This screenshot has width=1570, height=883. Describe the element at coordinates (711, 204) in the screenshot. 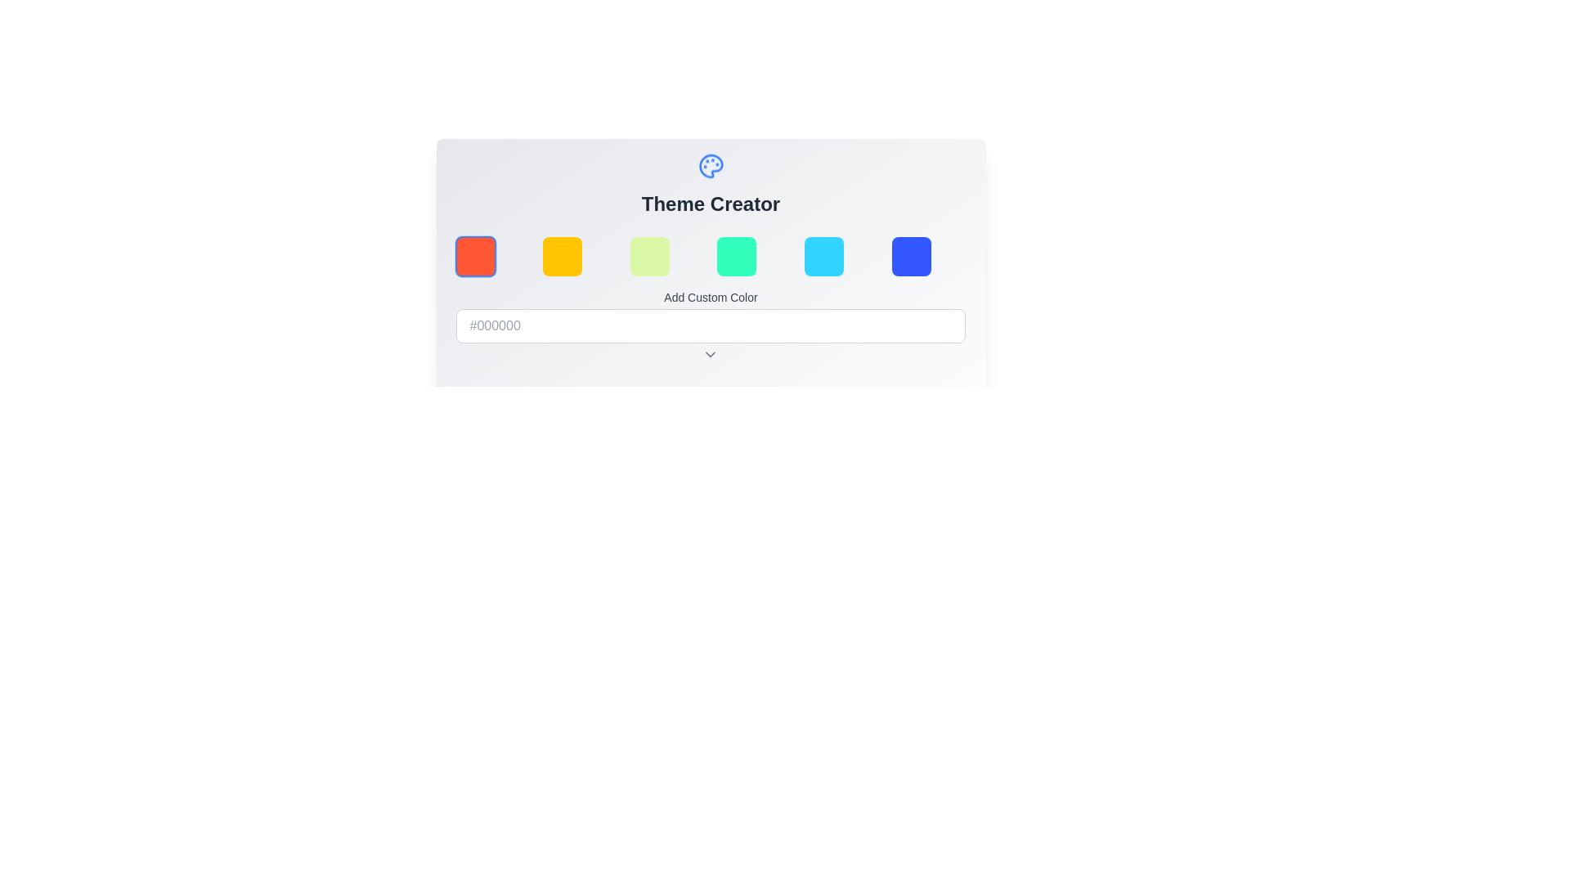

I see `the static text label displaying 'Theme Creator', which is bold and large, centrally aligned, and colored dark gray` at that location.